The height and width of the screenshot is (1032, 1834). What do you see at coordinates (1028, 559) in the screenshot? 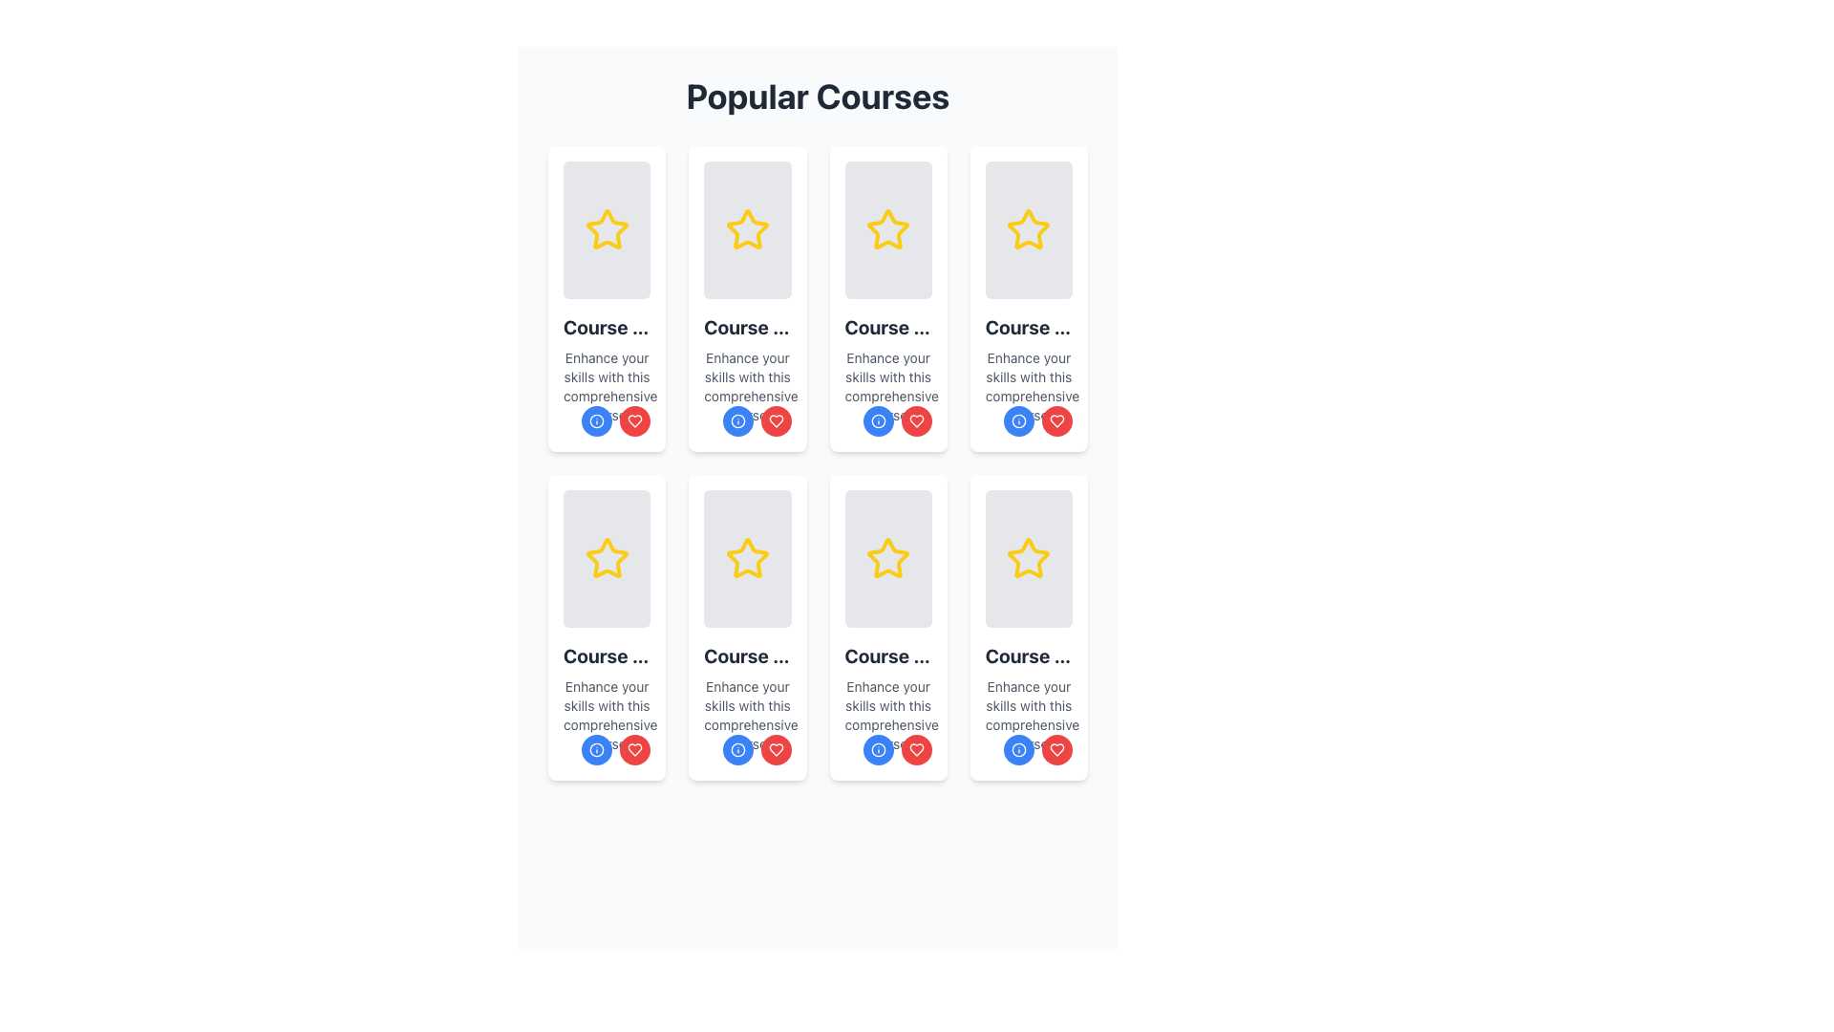
I see `the Visual Display Placeholder at the top of the 'Course Title 8' card, which features a light gray background and a centered yellow outlined star icon` at bounding box center [1028, 559].